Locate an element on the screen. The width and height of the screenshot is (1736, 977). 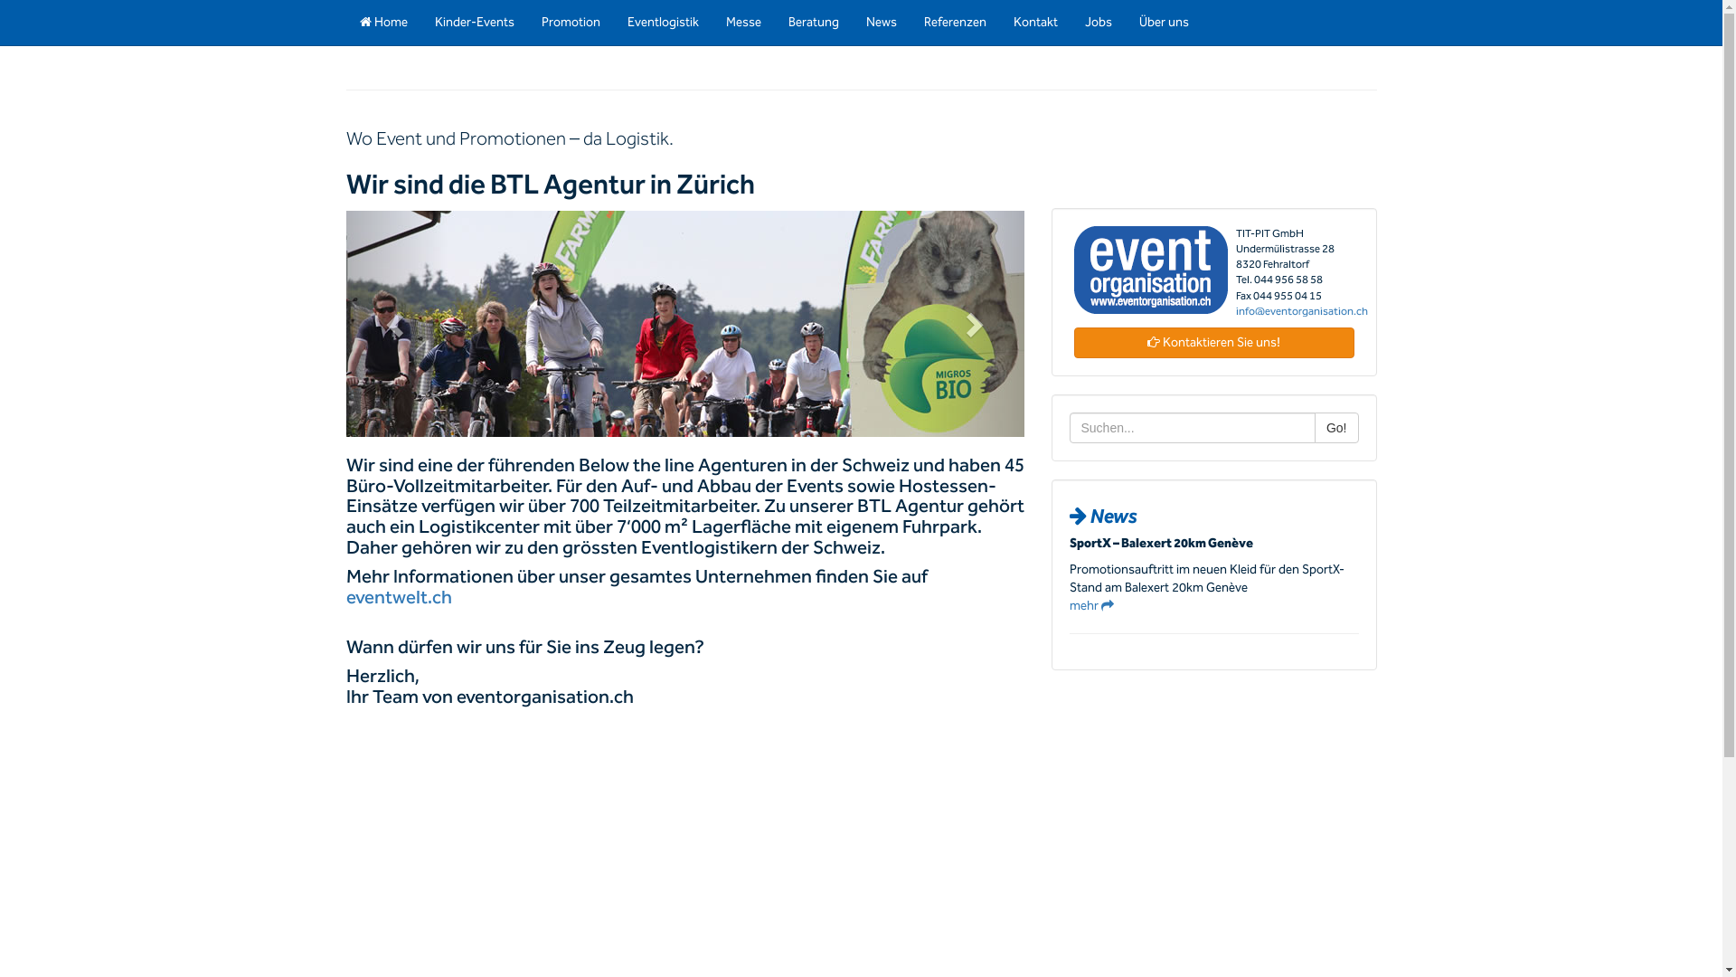
'Kontakt' is located at coordinates (1035, 22).